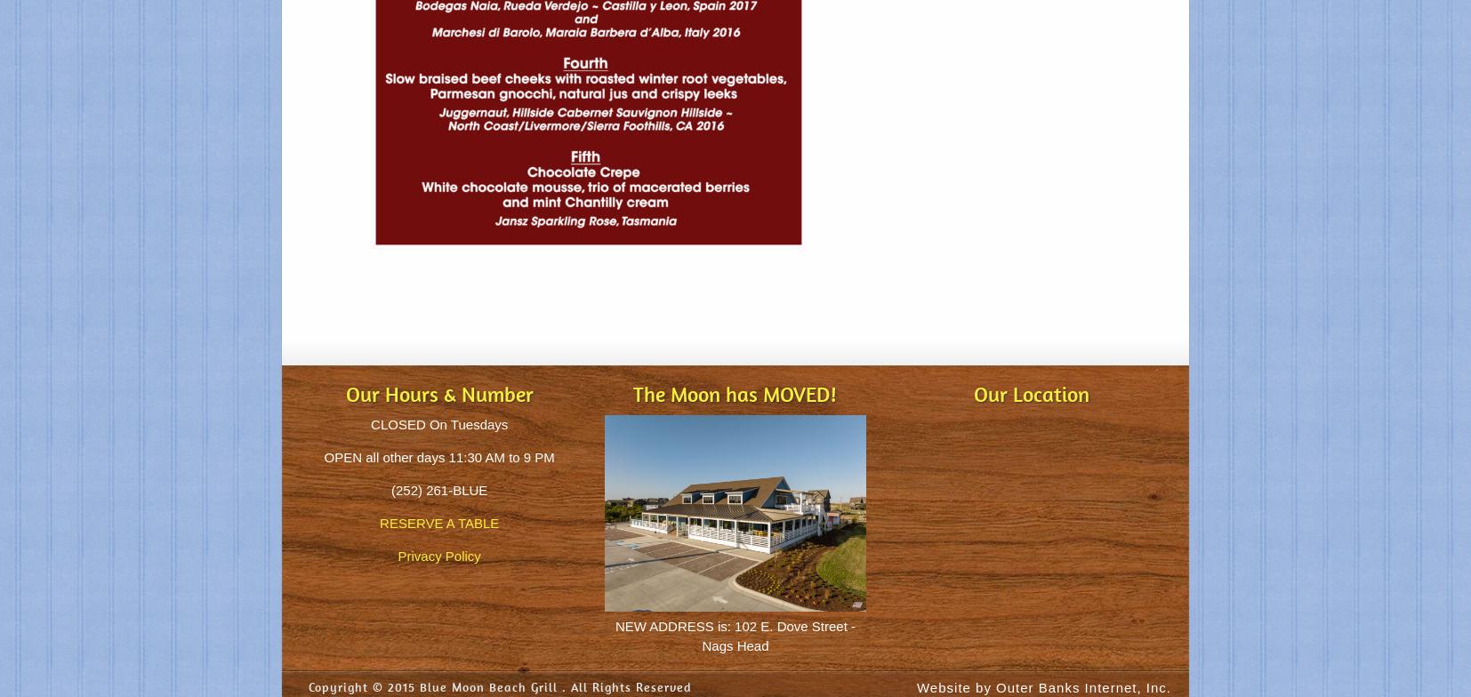 The width and height of the screenshot is (1471, 697). I want to click on 'Outer Banks Internet, Inc.', so click(1082, 686).